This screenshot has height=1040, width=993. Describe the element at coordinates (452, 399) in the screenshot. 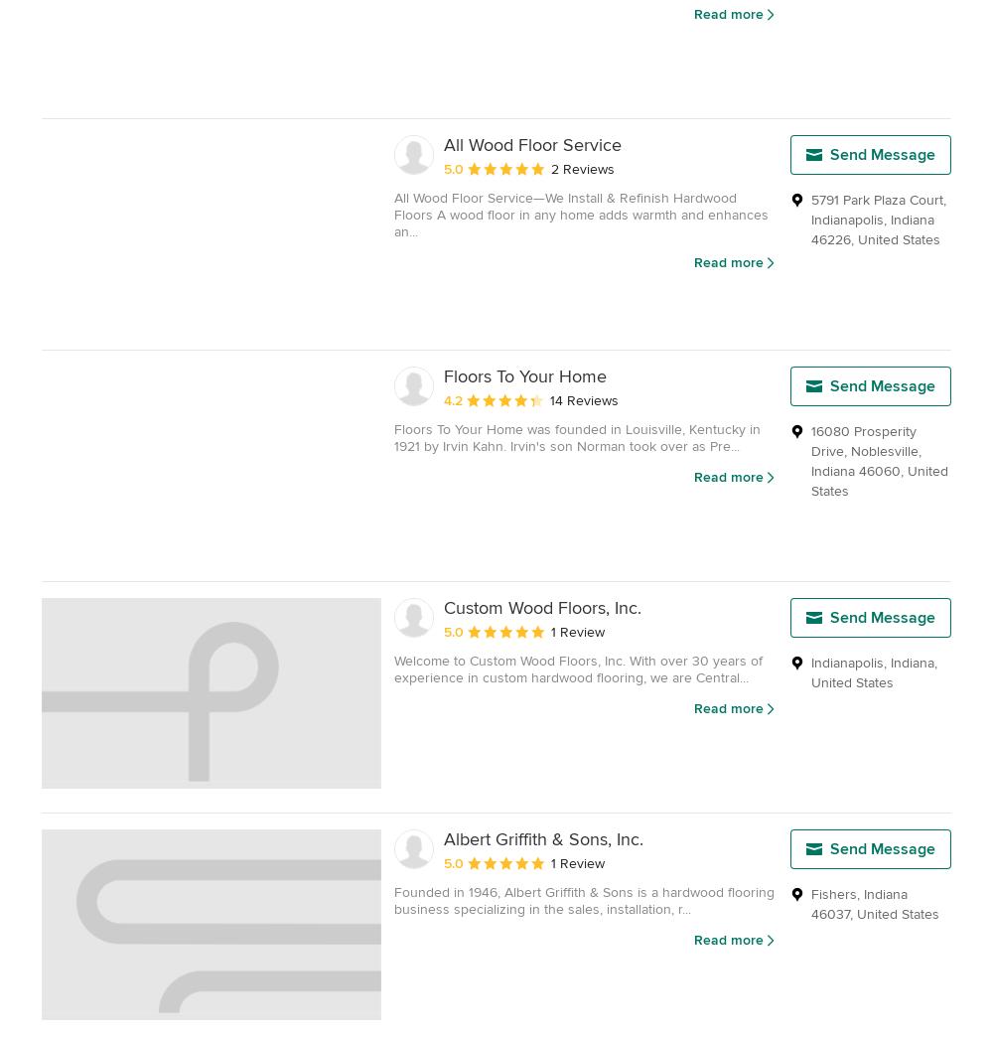

I see `'4.2'` at that location.